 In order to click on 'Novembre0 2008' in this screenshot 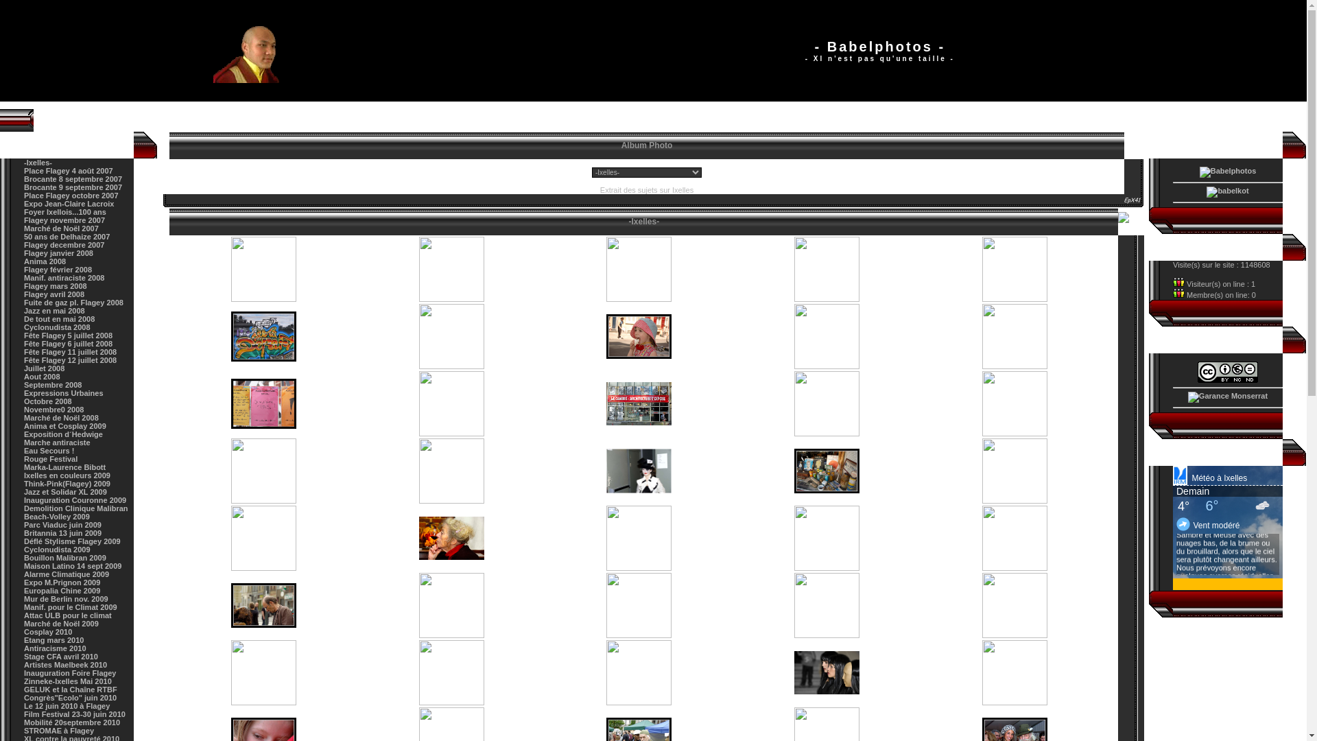, I will do `click(23, 409)`.